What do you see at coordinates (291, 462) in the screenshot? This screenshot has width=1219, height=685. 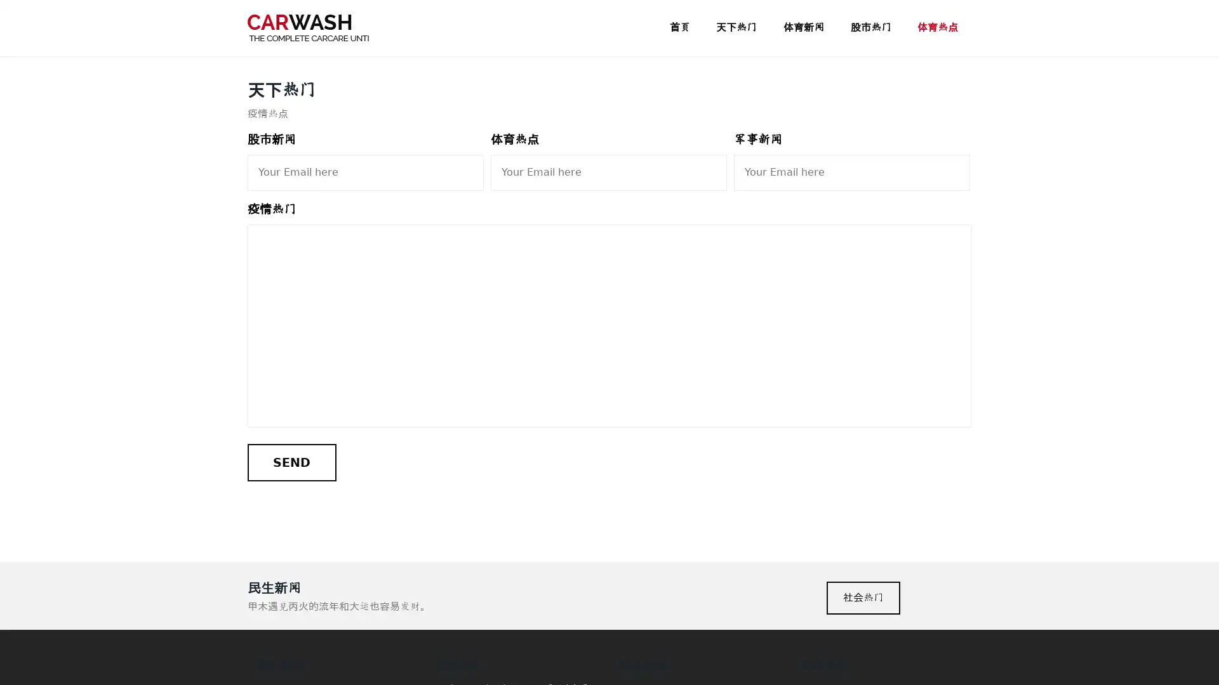 I see `send` at bounding box center [291, 462].